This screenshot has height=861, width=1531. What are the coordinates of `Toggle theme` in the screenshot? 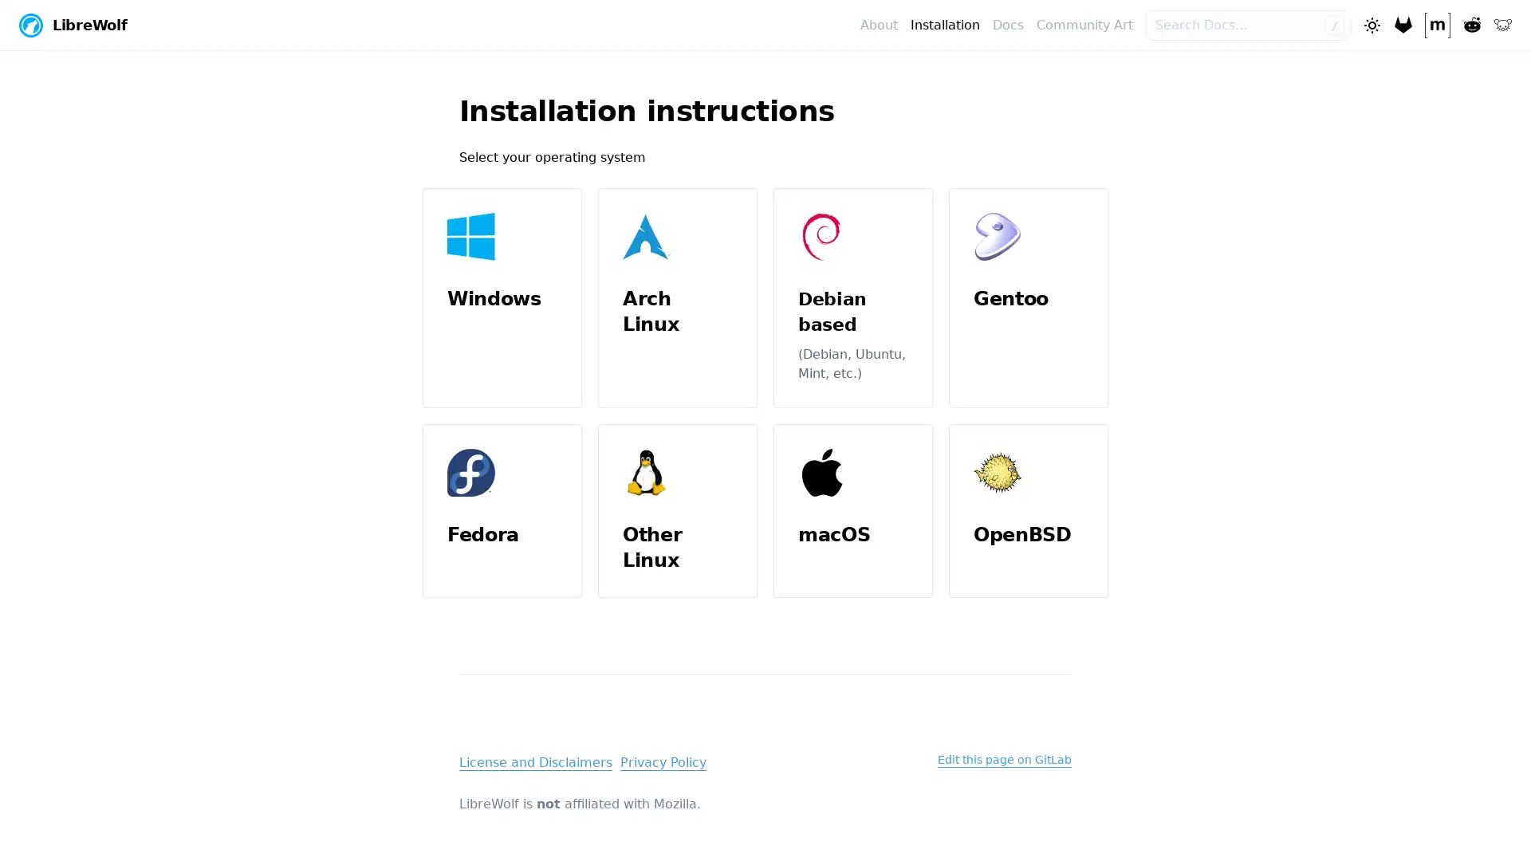 It's located at (1370, 24).